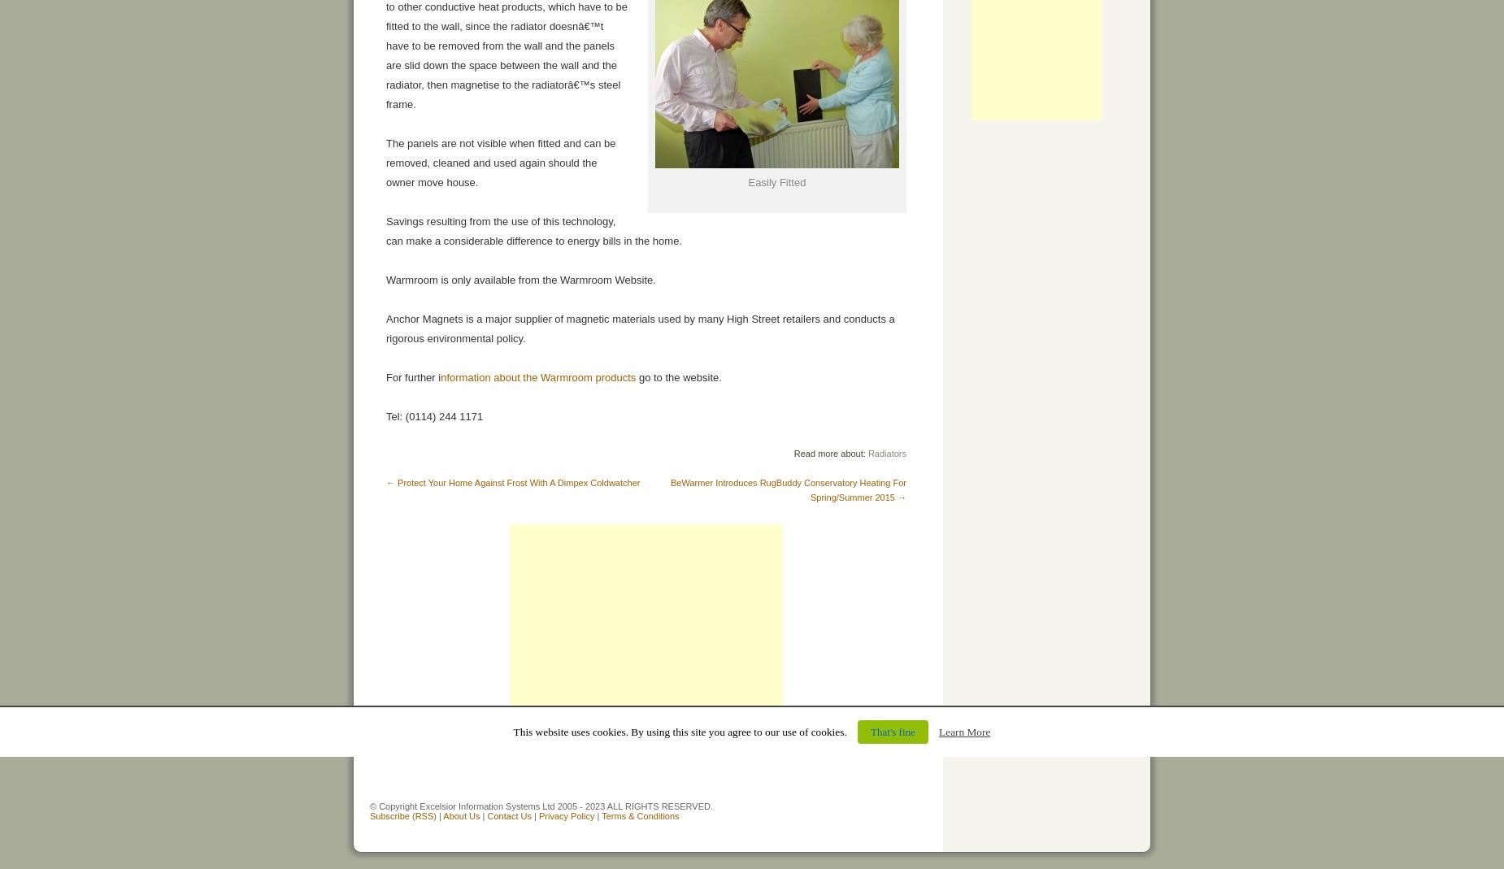 Image resolution: width=1504 pixels, height=869 pixels. I want to click on 'Terms & Conditions', so click(640, 816).